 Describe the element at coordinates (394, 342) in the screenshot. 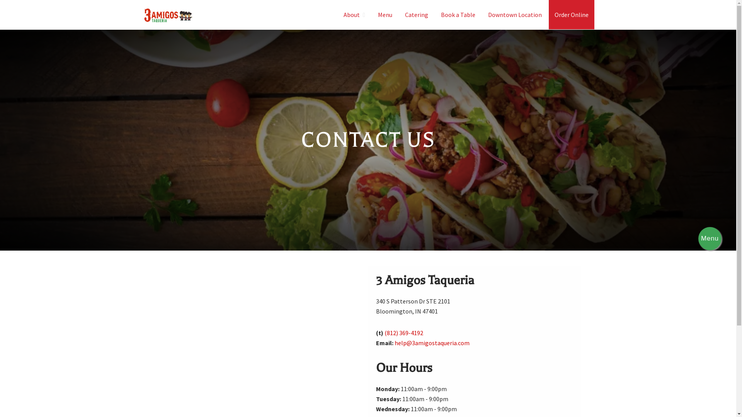

I see `'help@3amigostaqueria.com'` at that location.